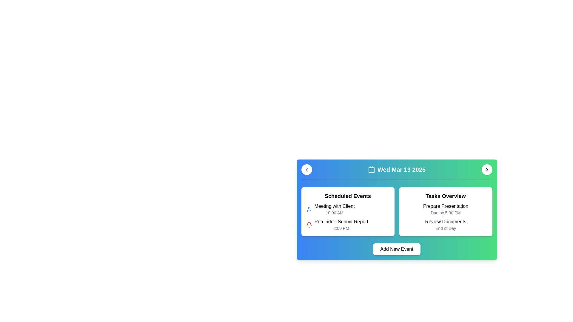 The width and height of the screenshot is (573, 322). Describe the element at coordinates (335, 206) in the screenshot. I see `the title label for a scheduled meeting located in the 'Scheduled Events' section, above the '10:00 AM' time text` at that location.